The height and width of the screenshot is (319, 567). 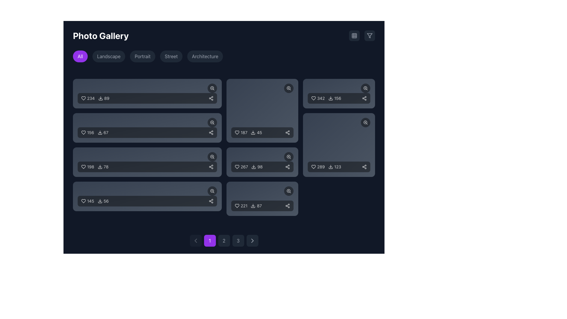 What do you see at coordinates (95, 132) in the screenshot?
I see `the heart icon in the interactive display component group that shows '156' likes, located in the second row of the gallery grid` at bounding box center [95, 132].